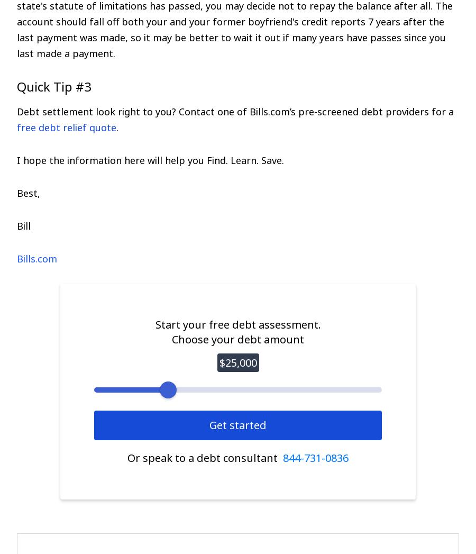 Image resolution: width=476 pixels, height=554 pixels. What do you see at coordinates (28, 193) in the screenshot?
I see `'Best,'` at bounding box center [28, 193].